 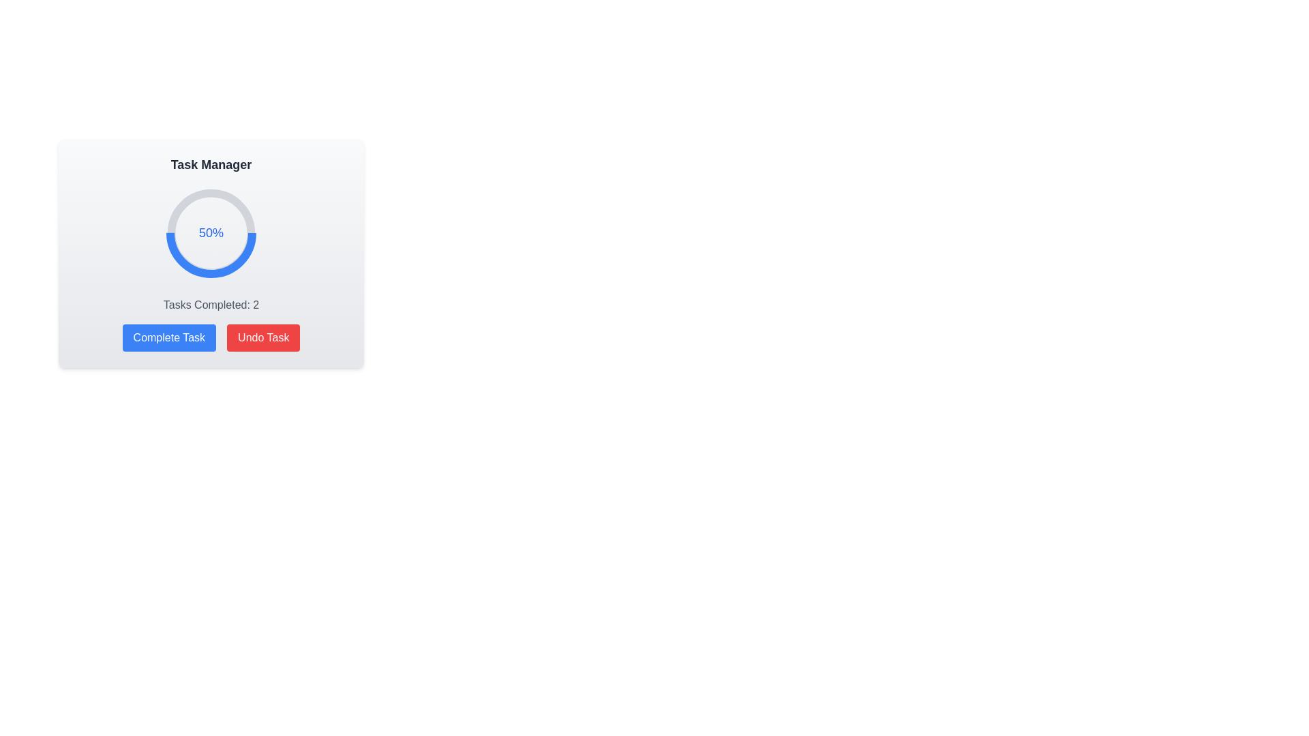 What do you see at coordinates (211, 232) in the screenshot?
I see `the circular progress indicator located centrally within the dashboard card to visually represent progress or completion percentage` at bounding box center [211, 232].